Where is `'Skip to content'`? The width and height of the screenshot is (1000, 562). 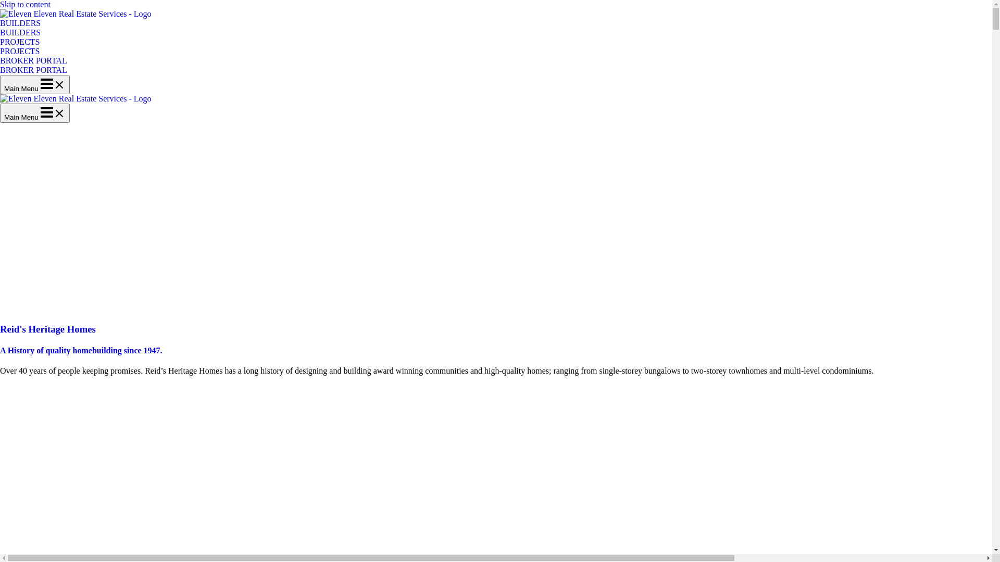
'Skip to content' is located at coordinates (0, 4).